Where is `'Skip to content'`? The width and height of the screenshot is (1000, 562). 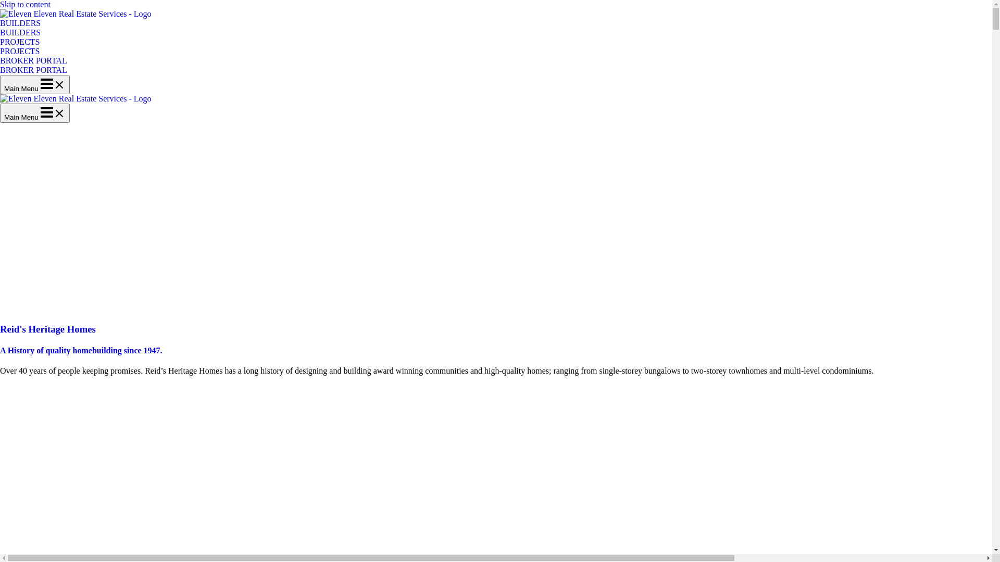
'Skip to content' is located at coordinates (0, 4).